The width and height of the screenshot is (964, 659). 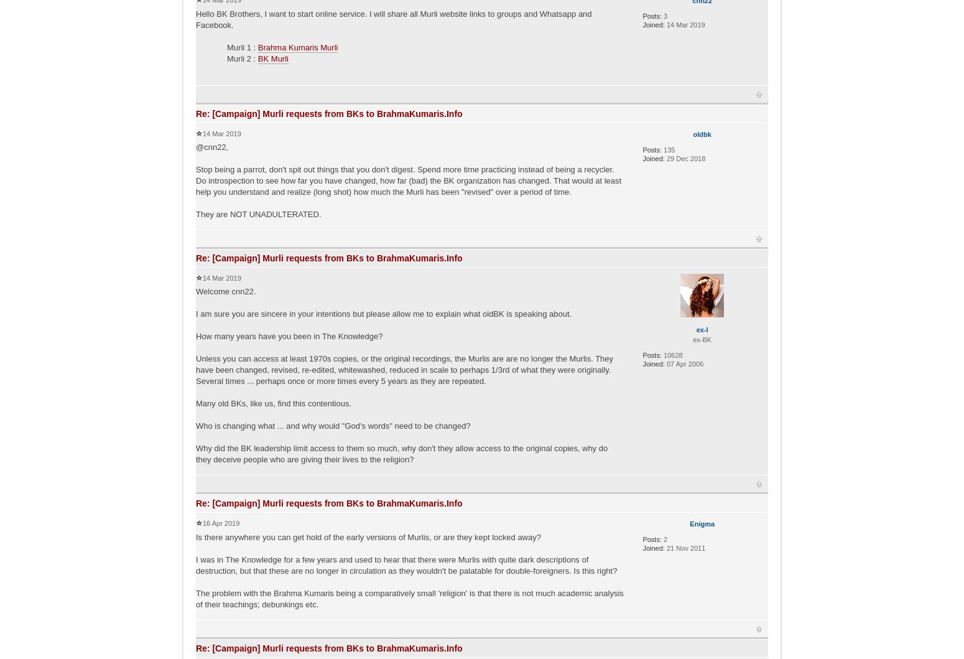 I want to click on '29 Dec 2018', so click(x=684, y=157).